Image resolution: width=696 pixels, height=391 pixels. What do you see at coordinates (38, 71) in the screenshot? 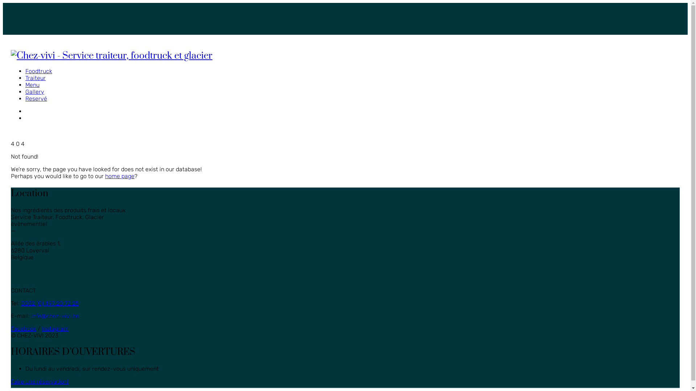
I see `'Foodtruck'` at bounding box center [38, 71].